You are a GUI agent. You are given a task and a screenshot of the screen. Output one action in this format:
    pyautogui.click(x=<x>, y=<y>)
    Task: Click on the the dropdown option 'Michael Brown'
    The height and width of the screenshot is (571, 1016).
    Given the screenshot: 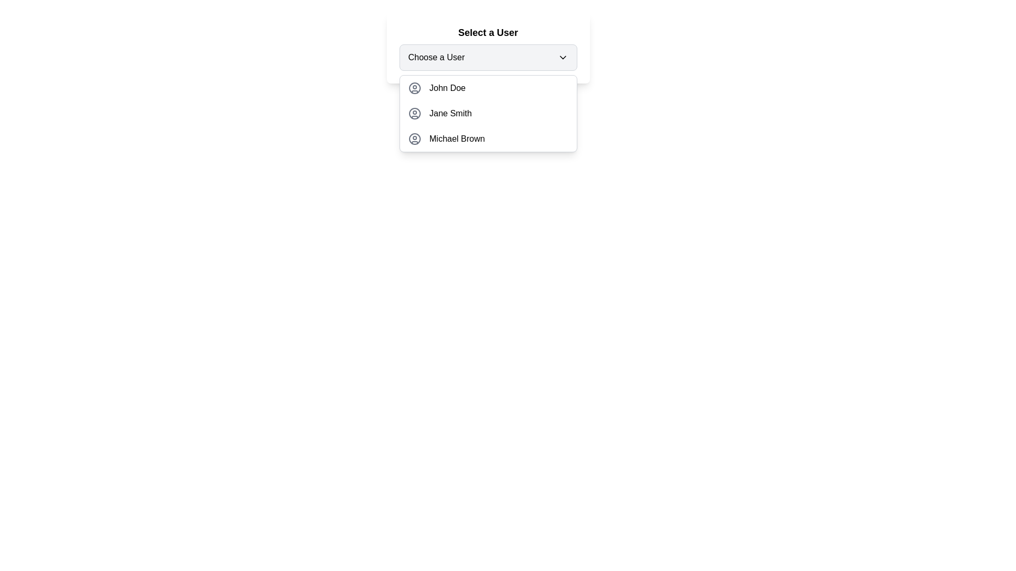 What is the action you would take?
    pyautogui.click(x=457, y=138)
    